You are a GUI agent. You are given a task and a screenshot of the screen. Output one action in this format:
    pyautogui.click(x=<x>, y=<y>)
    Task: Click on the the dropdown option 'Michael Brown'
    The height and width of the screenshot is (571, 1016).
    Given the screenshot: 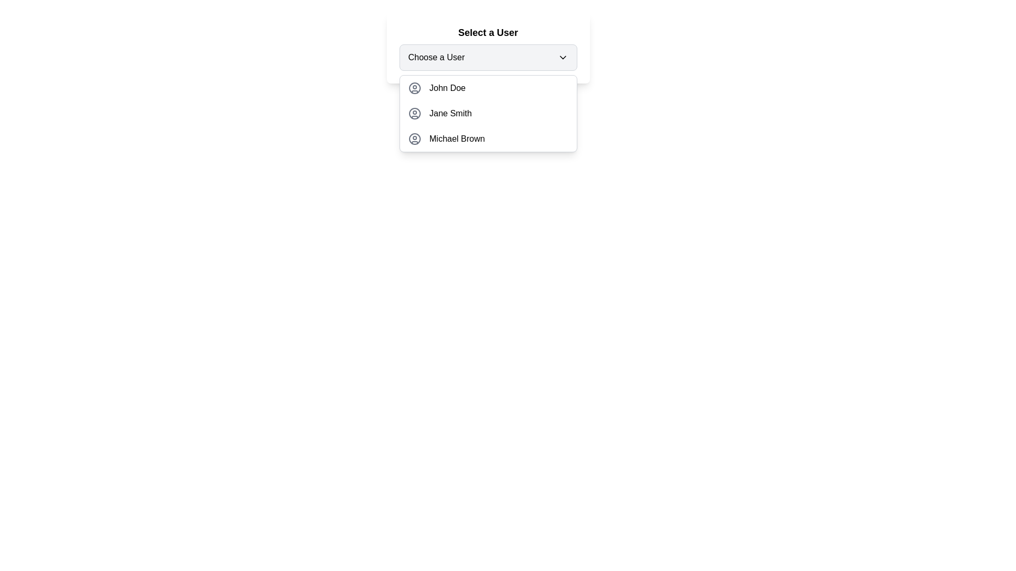 What is the action you would take?
    pyautogui.click(x=457, y=138)
    